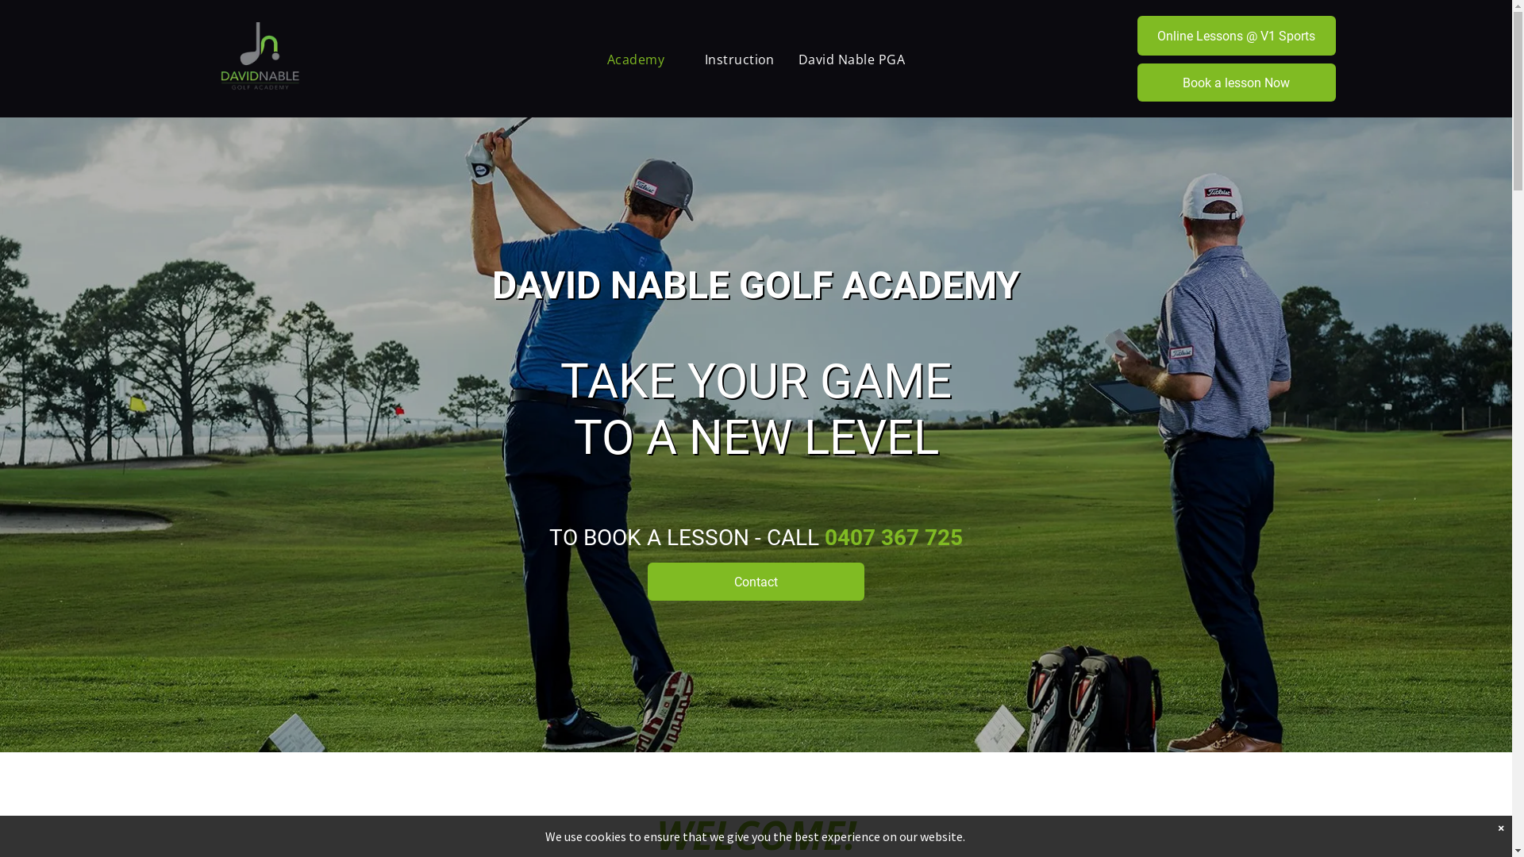 This screenshot has height=857, width=1524. Describe the element at coordinates (738, 58) in the screenshot. I see `'Instruction'` at that location.